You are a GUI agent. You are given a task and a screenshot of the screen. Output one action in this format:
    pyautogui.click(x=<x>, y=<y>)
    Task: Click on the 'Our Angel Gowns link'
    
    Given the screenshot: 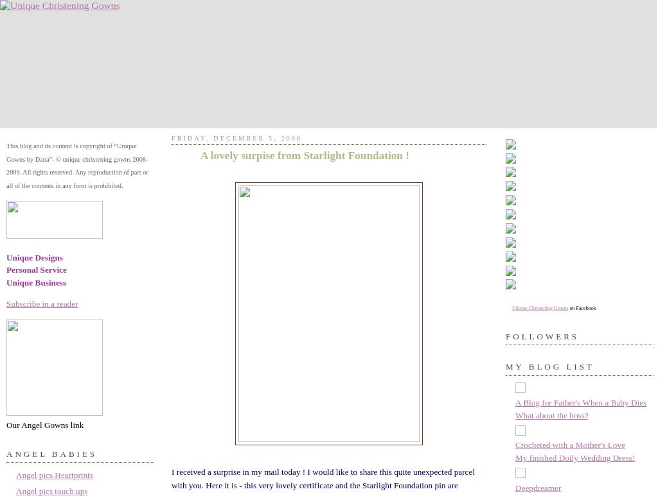 What is the action you would take?
    pyautogui.click(x=44, y=425)
    